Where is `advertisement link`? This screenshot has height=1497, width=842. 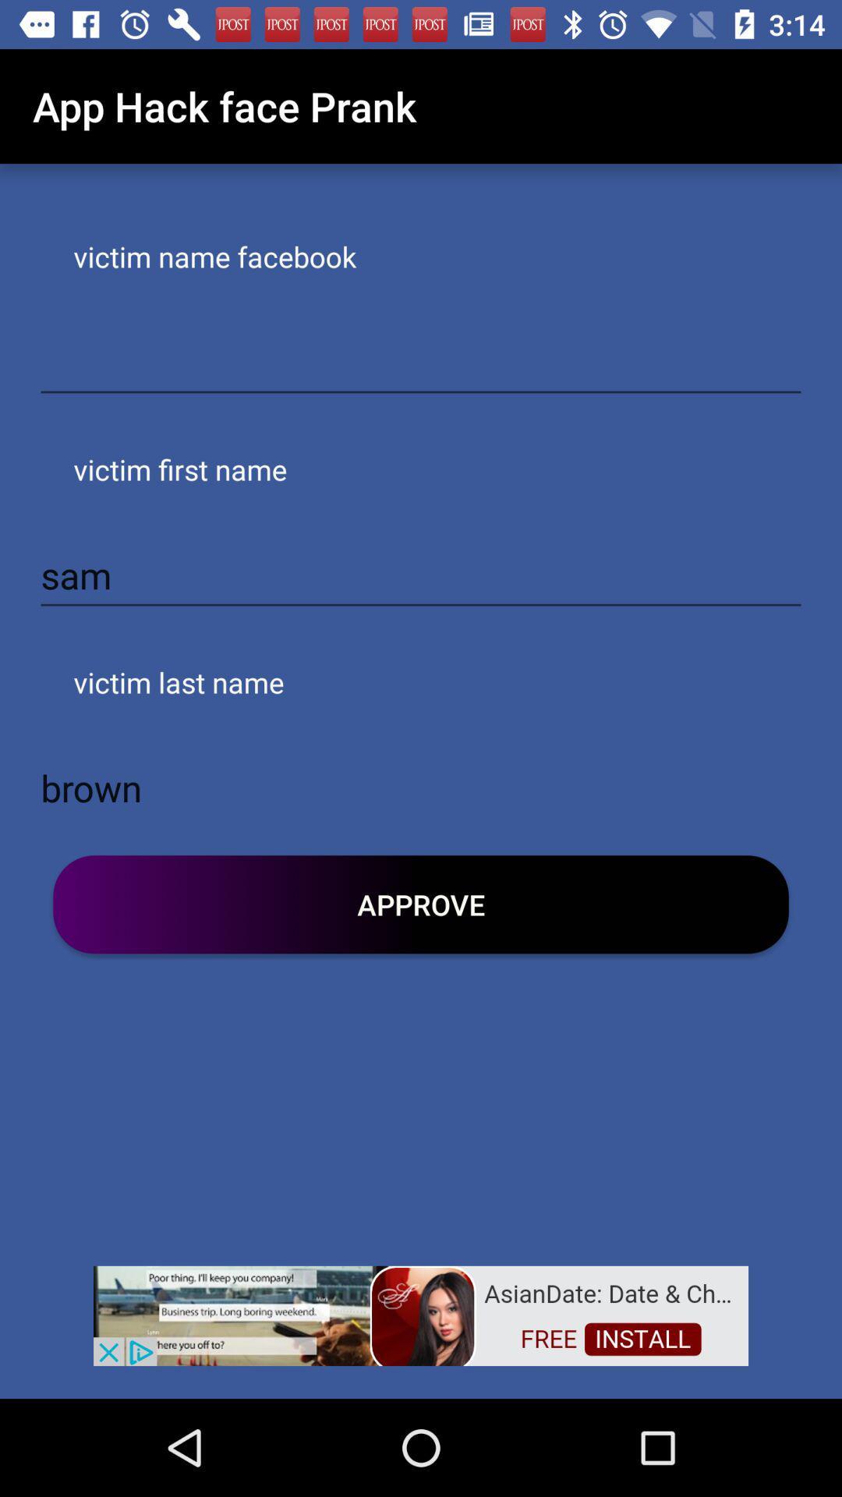 advertisement link is located at coordinates (421, 1314).